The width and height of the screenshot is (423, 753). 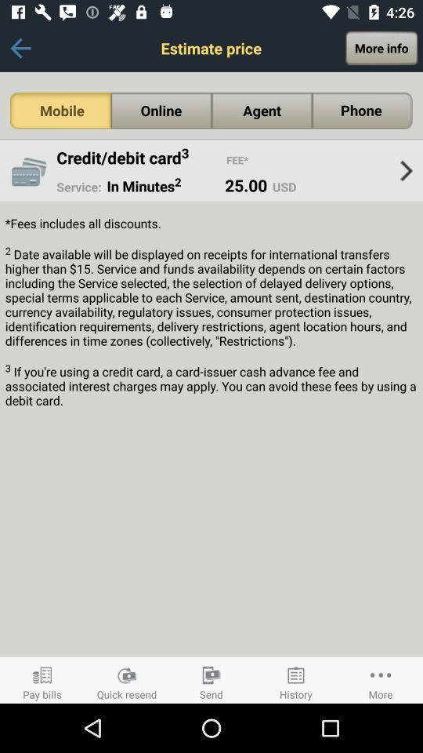 What do you see at coordinates (157, 186) in the screenshot?
I see `app to the left of 25.00 icon` at bounding box center [157, 186].